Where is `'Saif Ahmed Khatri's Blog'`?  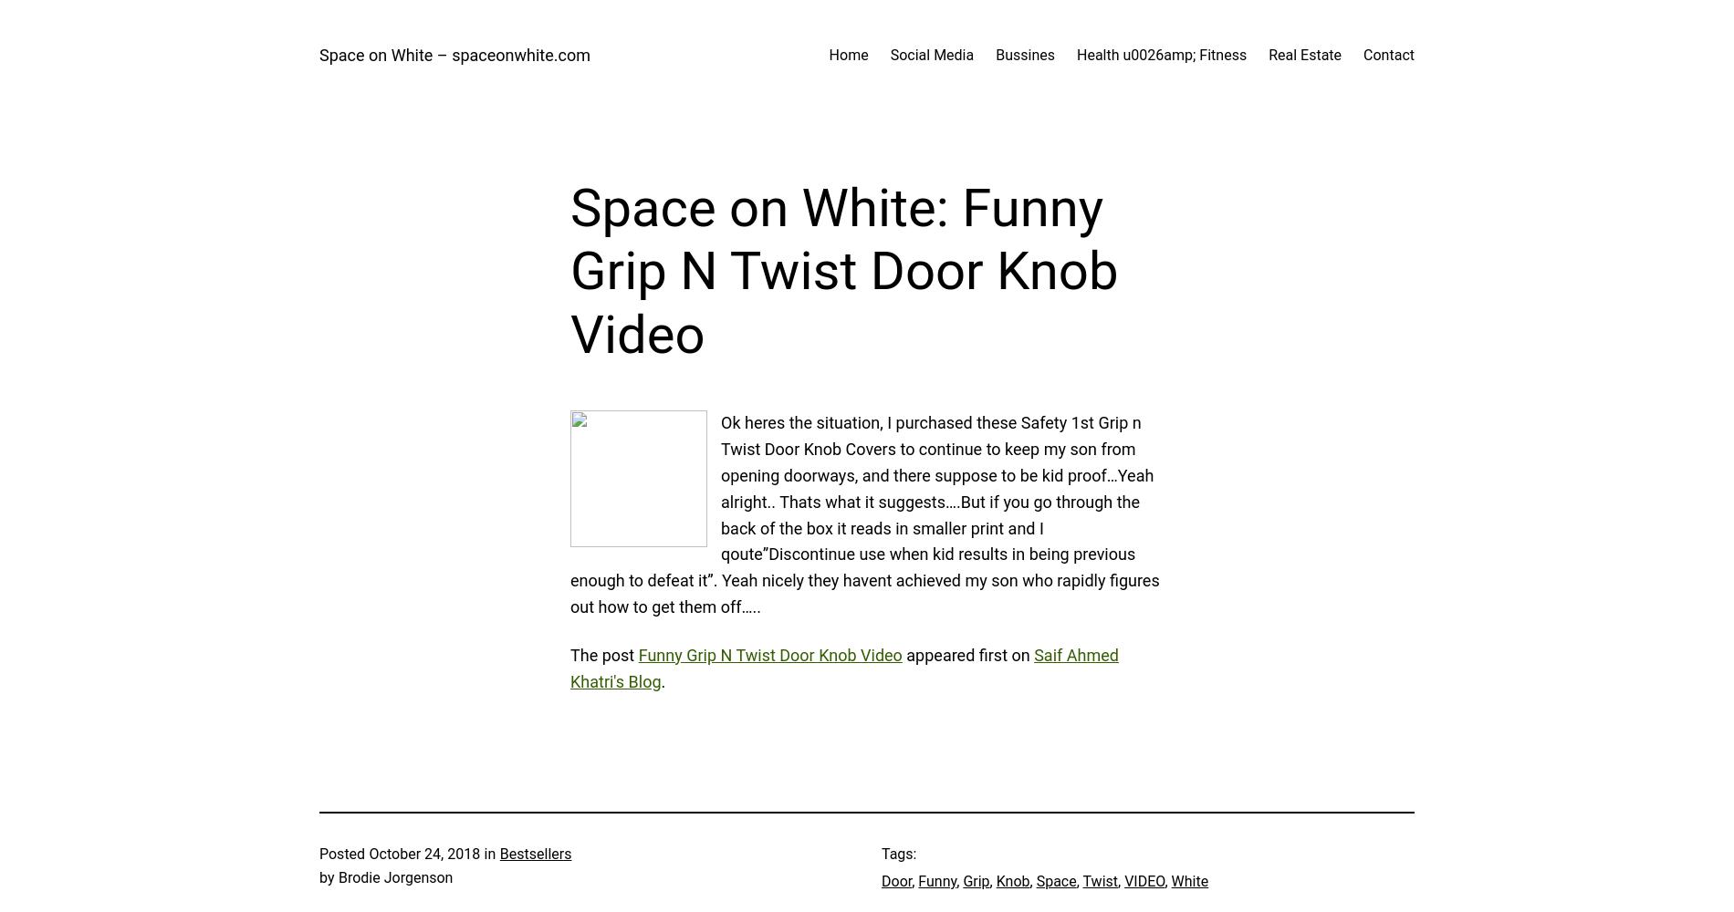
'Saif Ahmed Khatri's Blog' is located at coordinates (569, 667).